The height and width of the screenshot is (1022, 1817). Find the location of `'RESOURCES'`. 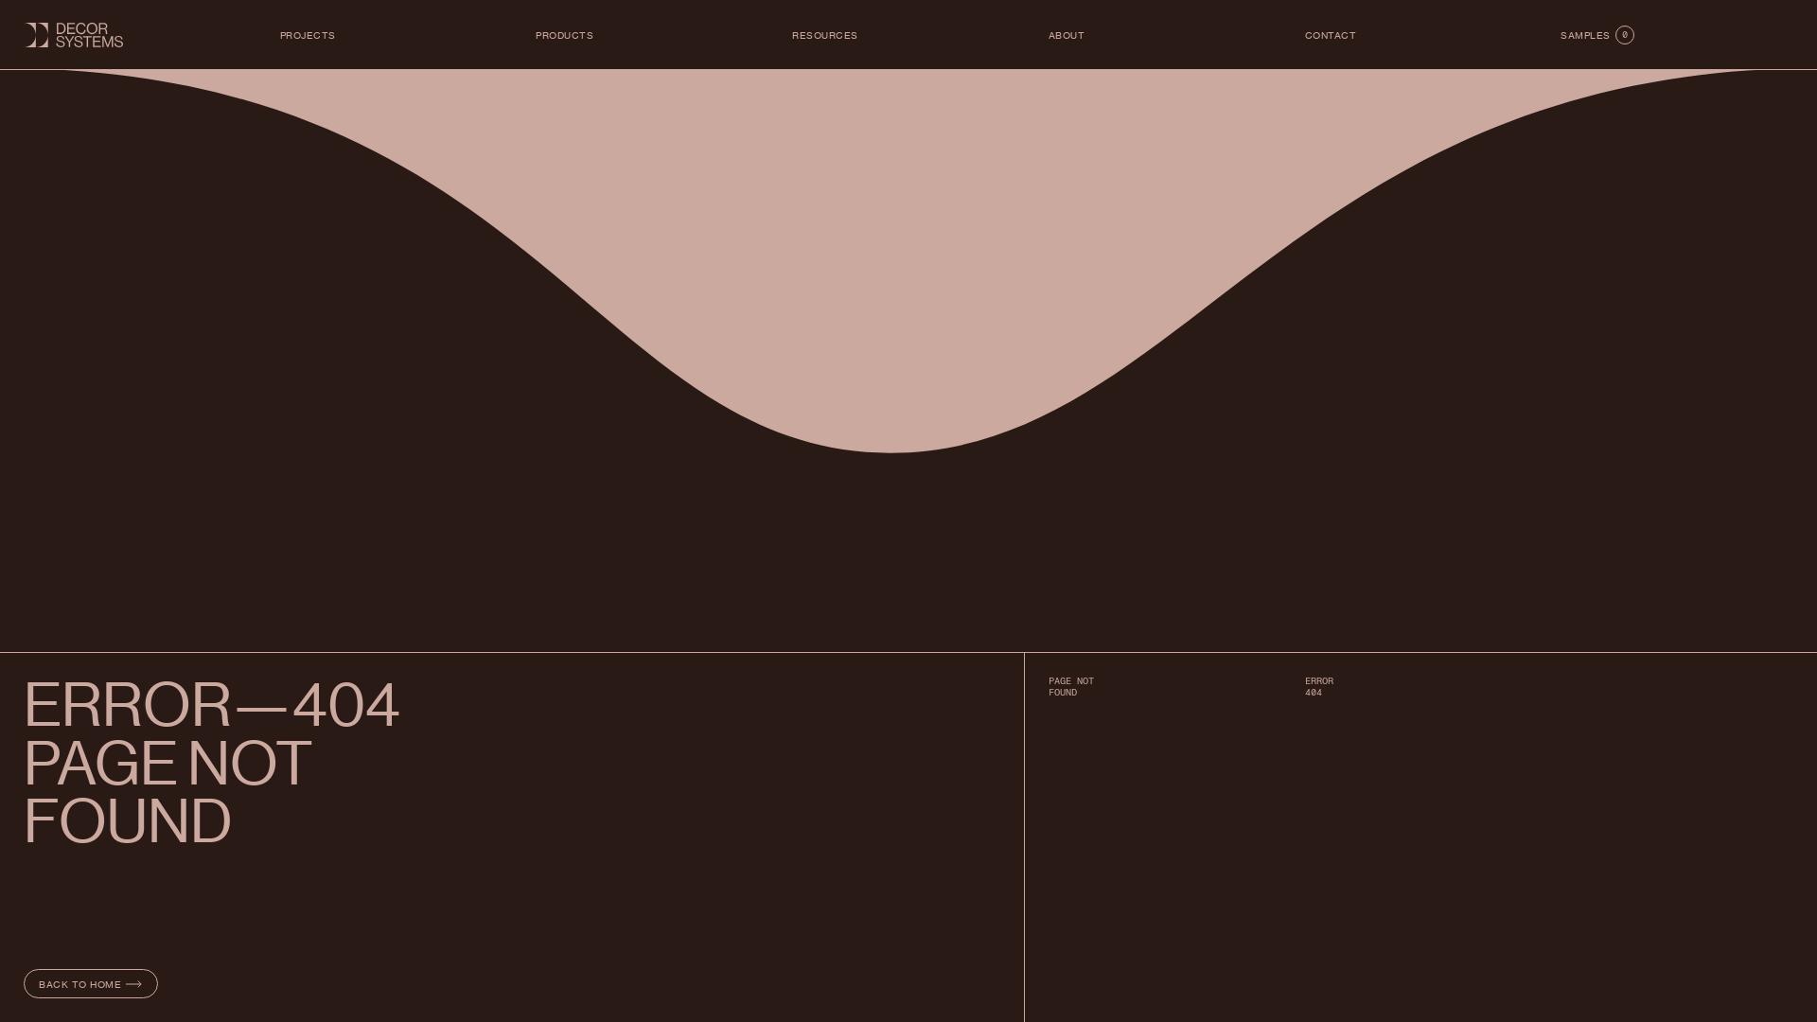

'RESOURCES' is located at coordinates (791, 35).